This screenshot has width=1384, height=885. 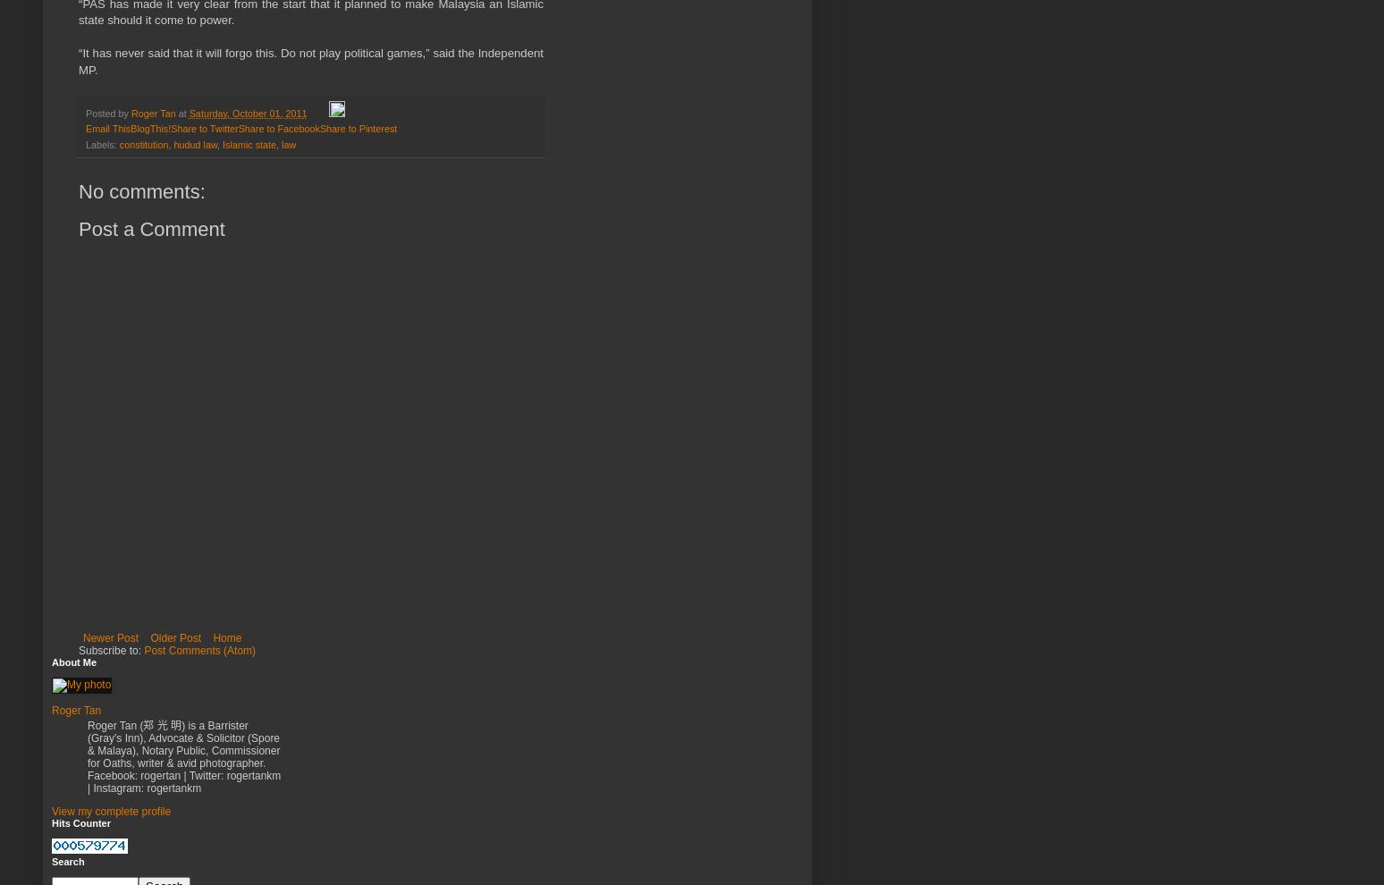 I want to click on 'About Me', so click(x=72, y=662).